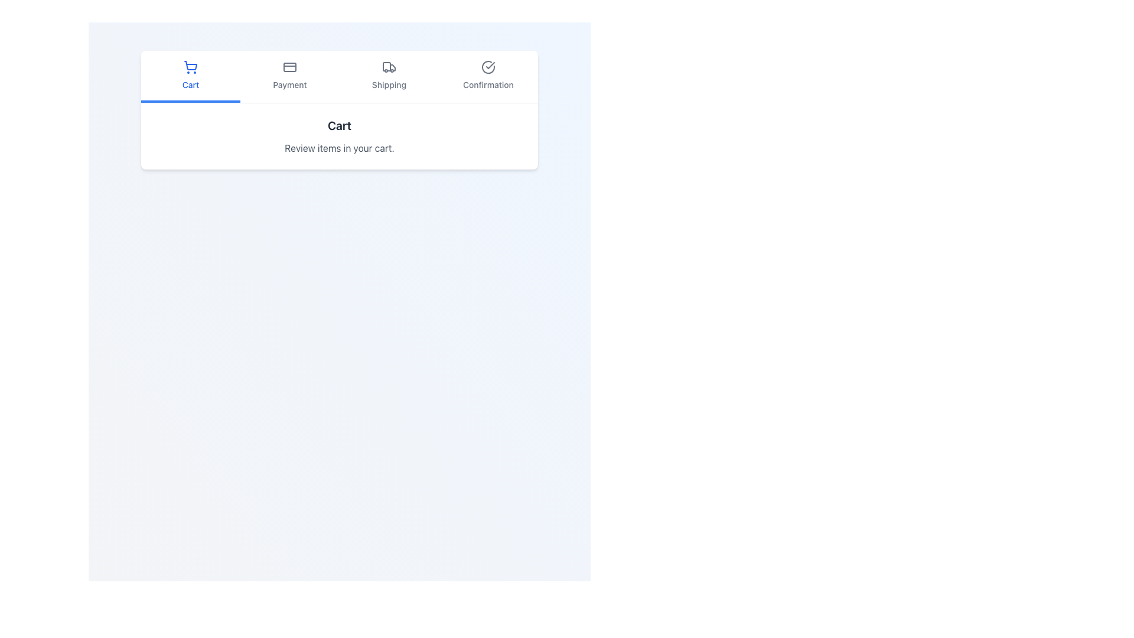  I want to click on the 'Cart' navigation link in the shopping interface for keyboard navigation, so click(190, 75).